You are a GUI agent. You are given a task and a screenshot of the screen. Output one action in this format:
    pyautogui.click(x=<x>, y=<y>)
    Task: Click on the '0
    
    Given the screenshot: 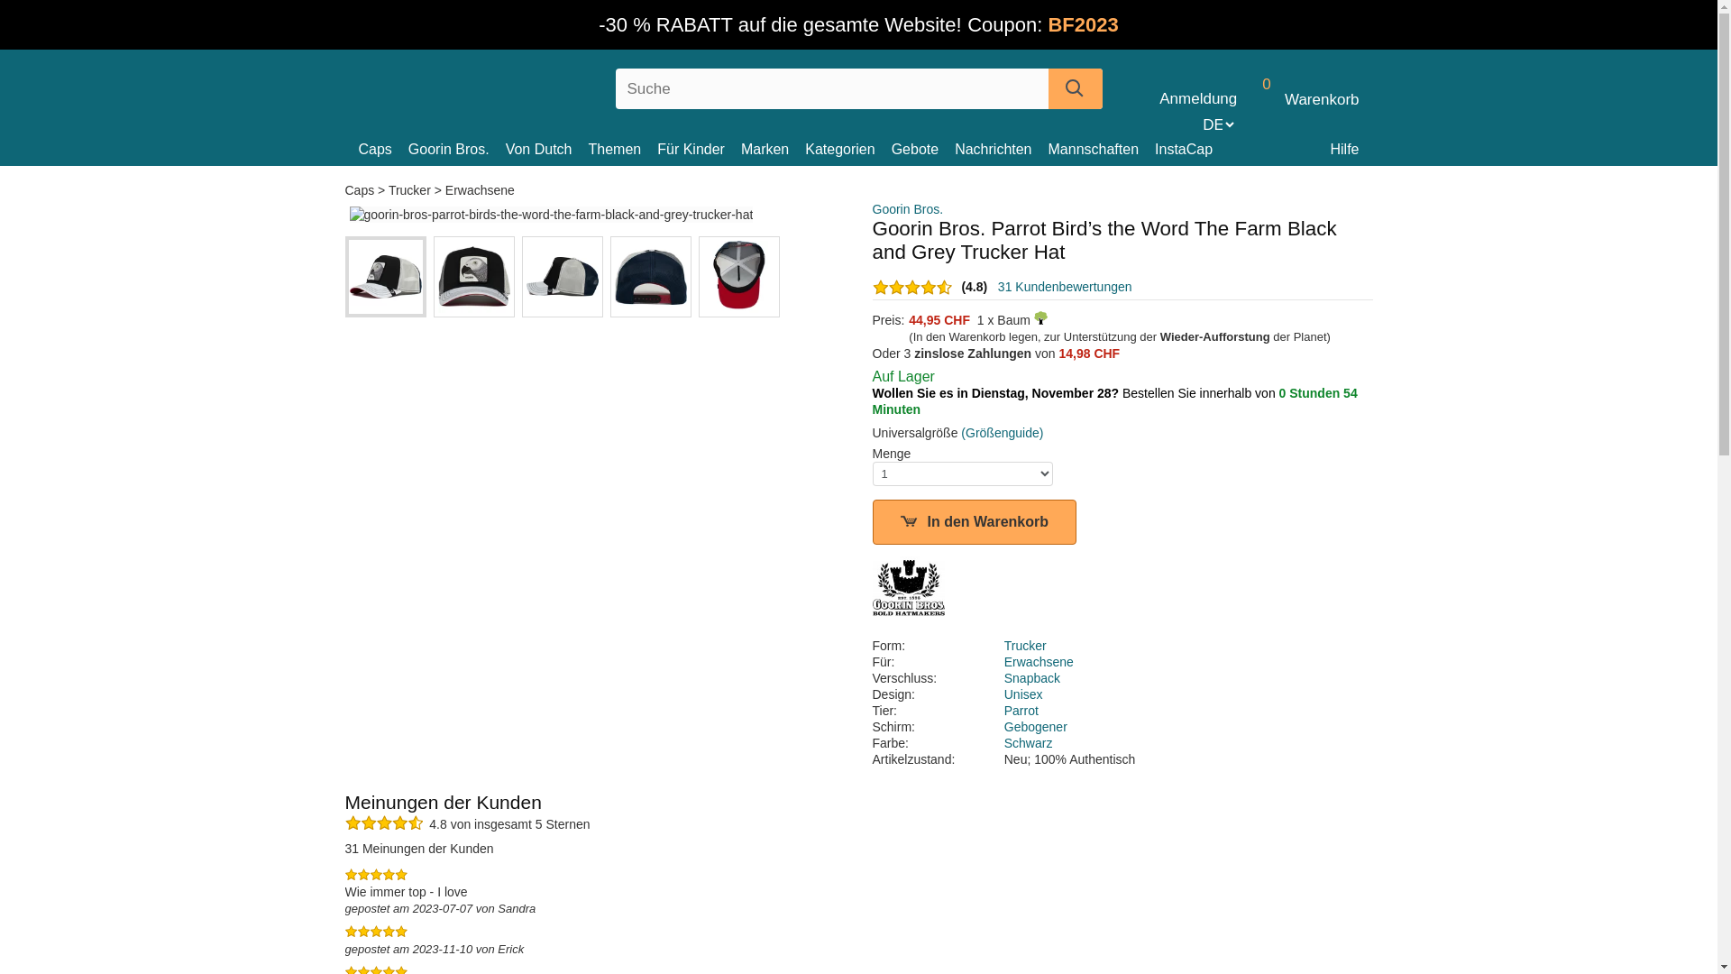 What is the action you would take?
    pyautogui.click(x=1302, y=99)
    